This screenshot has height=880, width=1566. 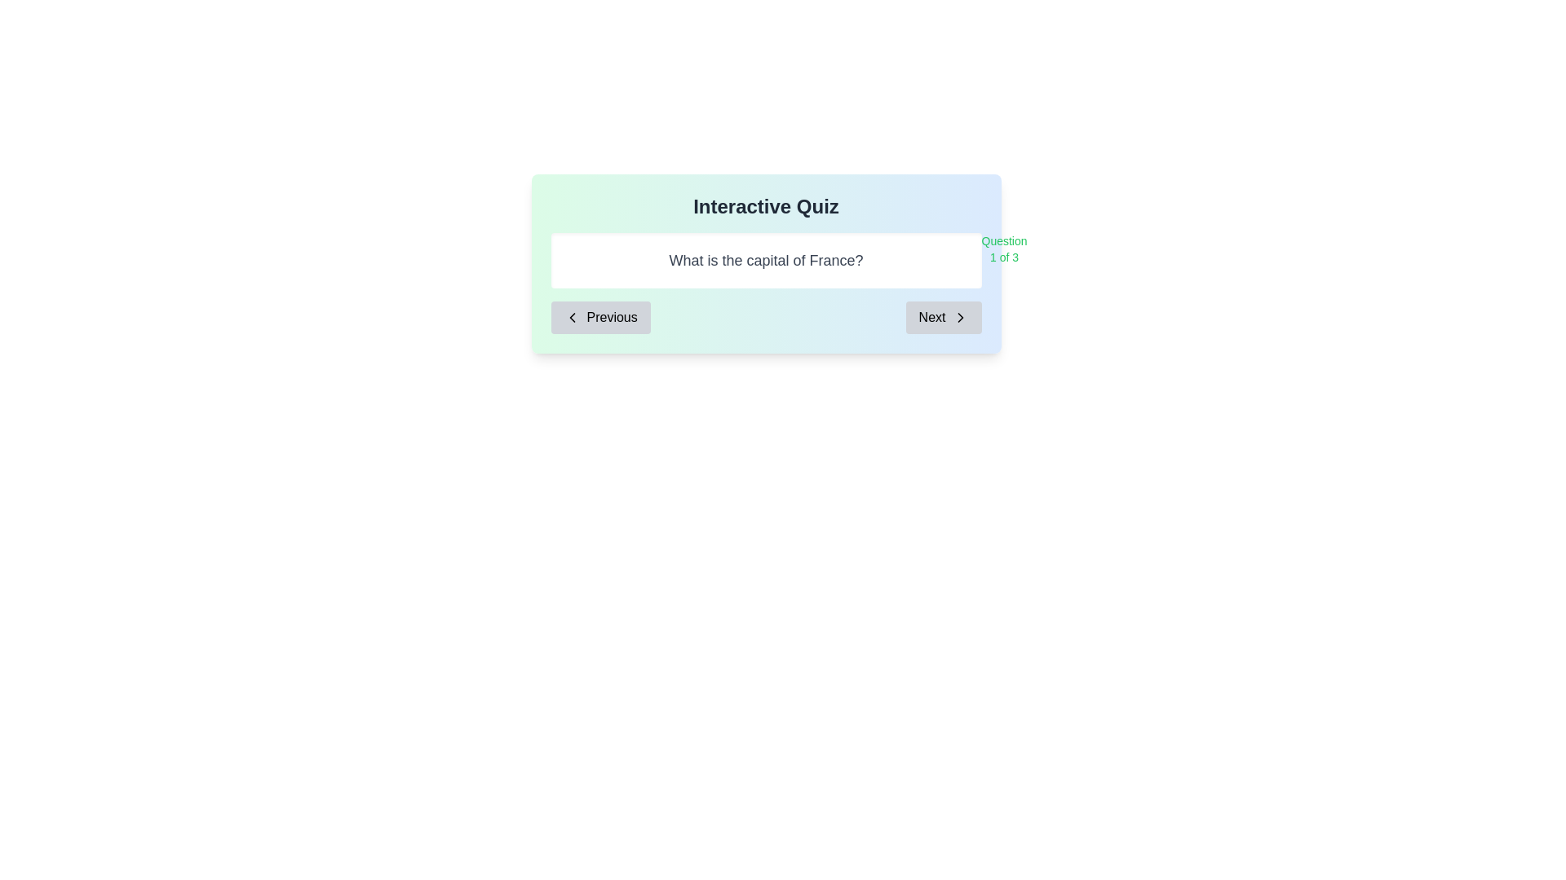 I want to click on the 'Next' button, which features a chevron icon indicating forward movement, so click(x=960, y=317).